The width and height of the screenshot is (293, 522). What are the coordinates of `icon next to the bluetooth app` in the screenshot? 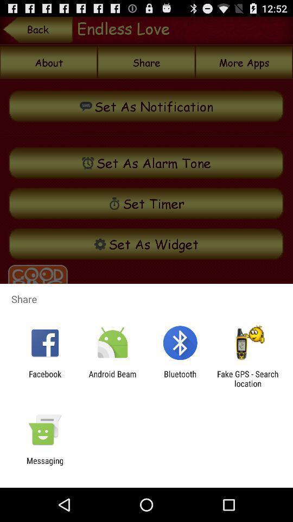 It's located at (112, 378).